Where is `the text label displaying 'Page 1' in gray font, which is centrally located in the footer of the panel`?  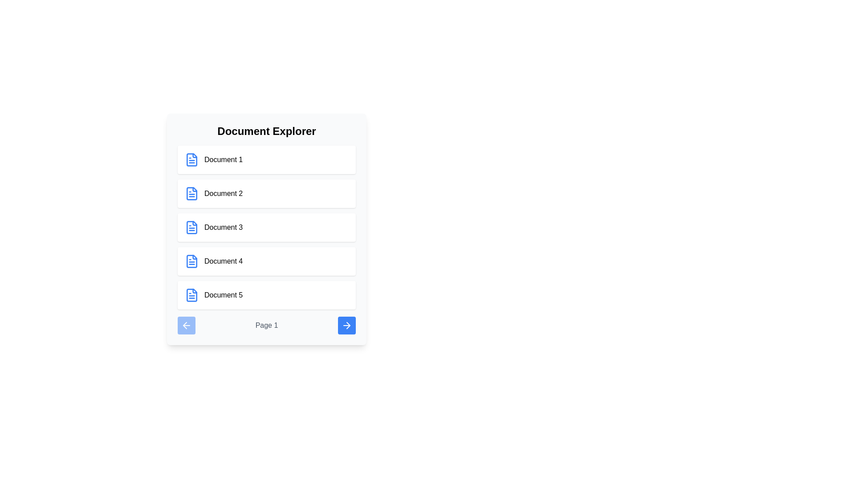
the text label displaying 'Page 1' in gray font, which is centrally located in the footer of the panel is located at coordinates (266, 326).